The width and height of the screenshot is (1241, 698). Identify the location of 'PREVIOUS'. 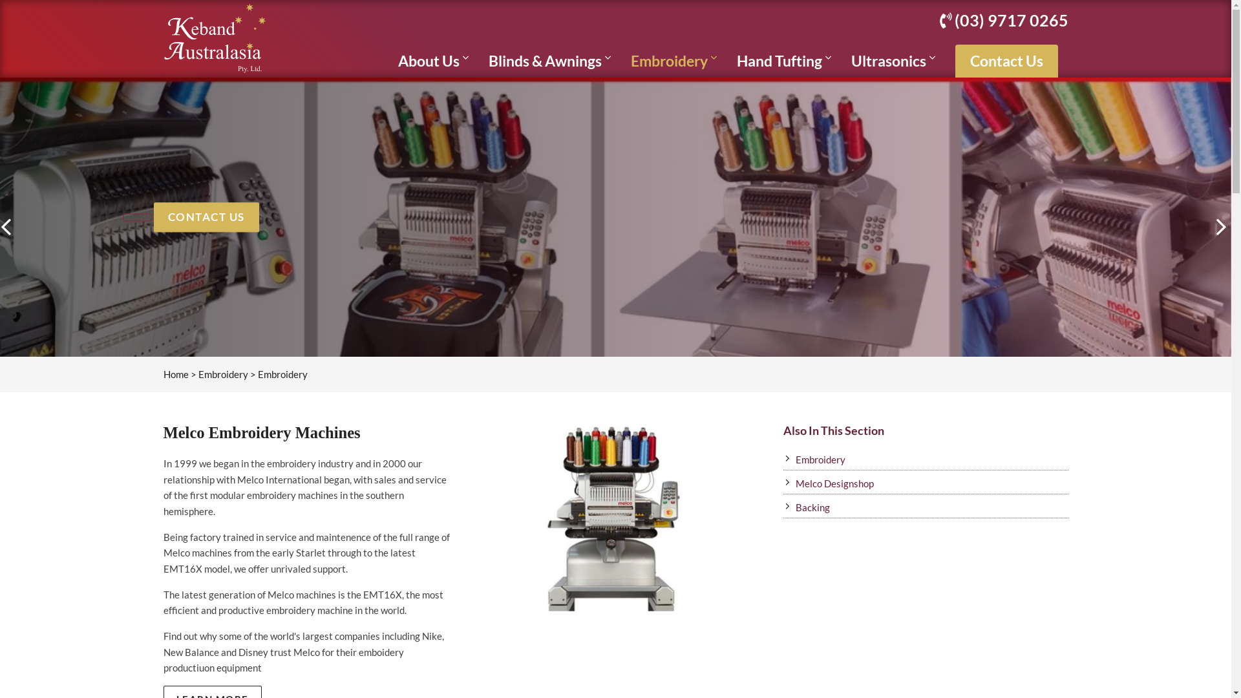
(0, 226).